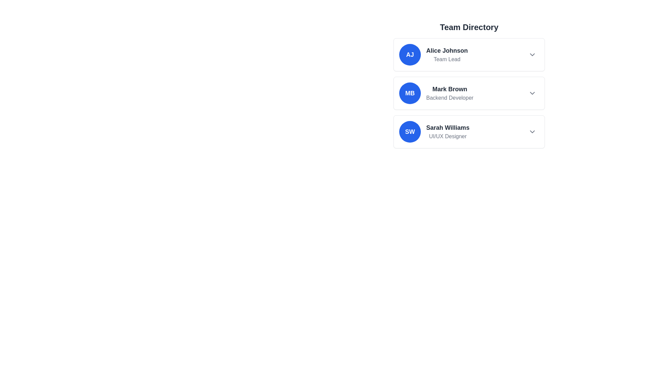 The height and width of the screenshot is (365, 649). I want to click on the downward-pointing chevron icon located on the right side of 'Sarah Williams - UI/UX Designer' in the 'Team Directory' list, so click(532, 131).